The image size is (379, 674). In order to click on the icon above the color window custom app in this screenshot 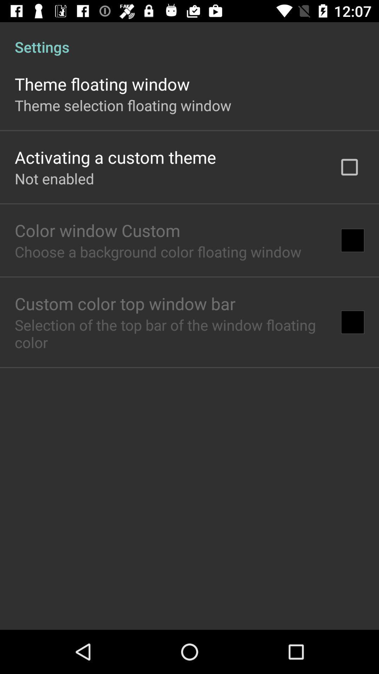, I will do `click(54, 178)`.